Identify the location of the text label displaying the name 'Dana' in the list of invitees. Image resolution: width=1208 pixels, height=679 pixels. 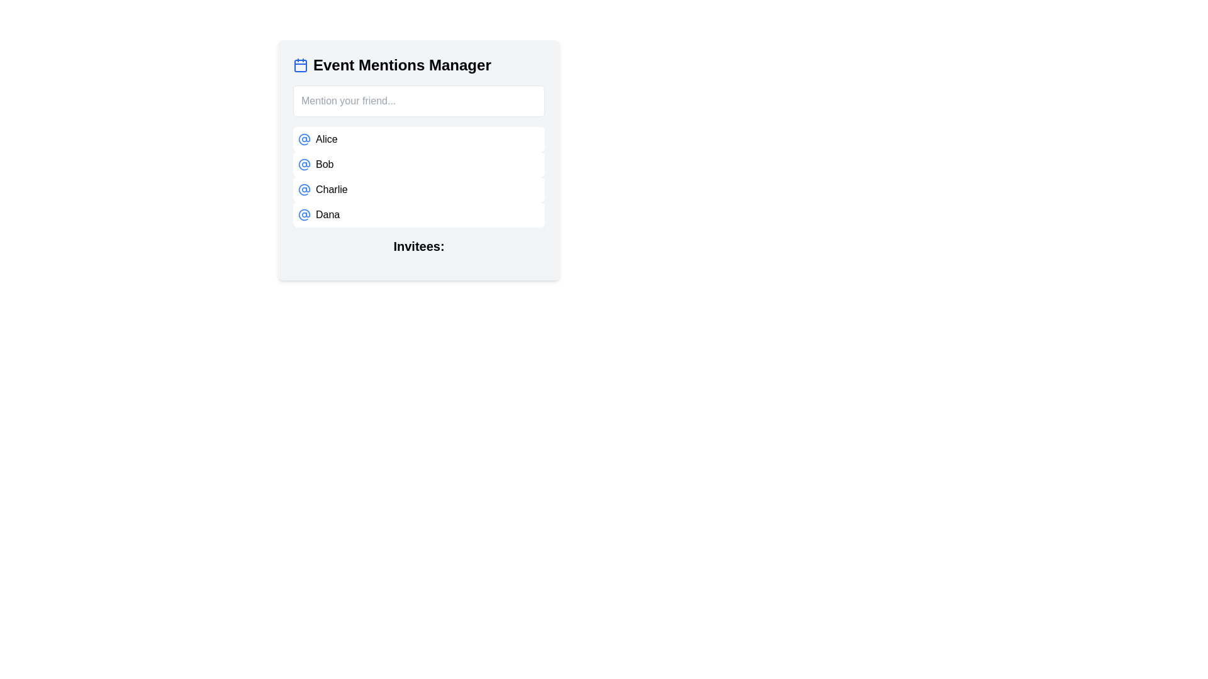
(328, 214).